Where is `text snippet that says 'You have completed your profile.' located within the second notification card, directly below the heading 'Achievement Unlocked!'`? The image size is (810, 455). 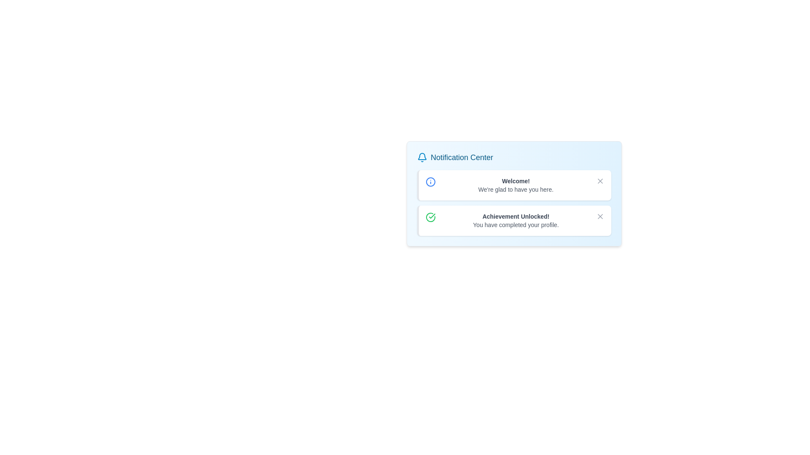
text snippet that says 'You have completed your profile.' located within the second notification card, directly below the heading 'Achievement Unlocked!' is located at coordinates (516, 224).